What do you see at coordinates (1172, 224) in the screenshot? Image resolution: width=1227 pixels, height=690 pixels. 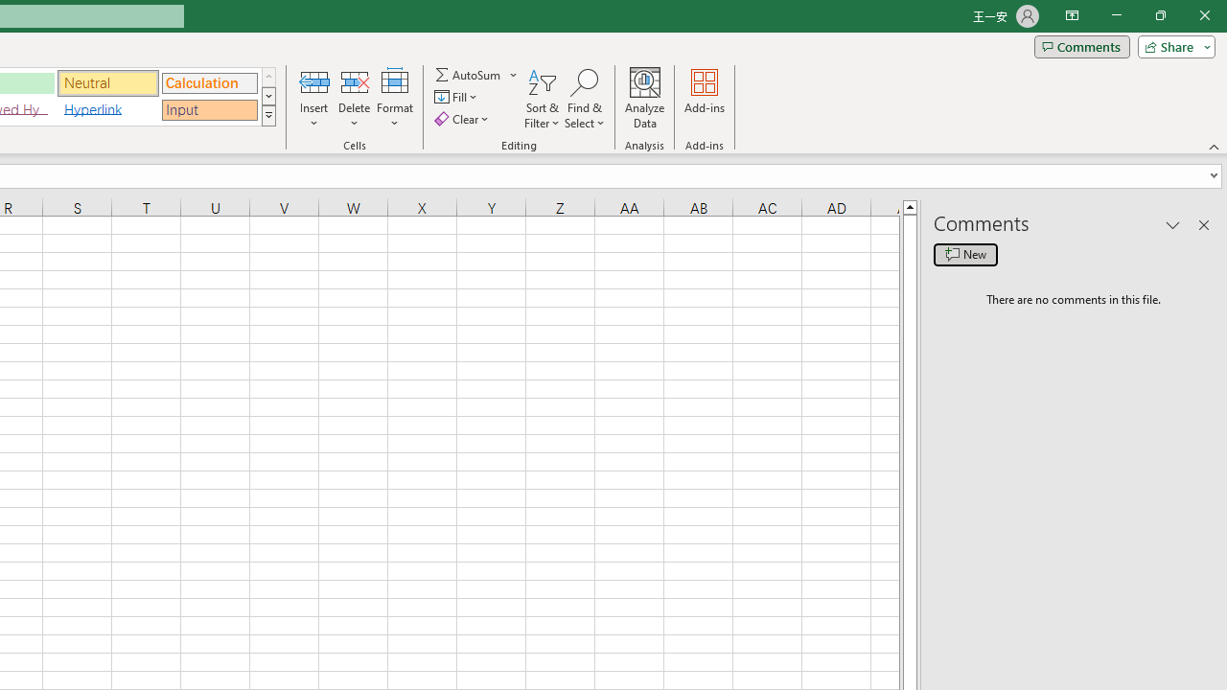 I see `'Task Pane Options'` at bounding box center [1172, 224].